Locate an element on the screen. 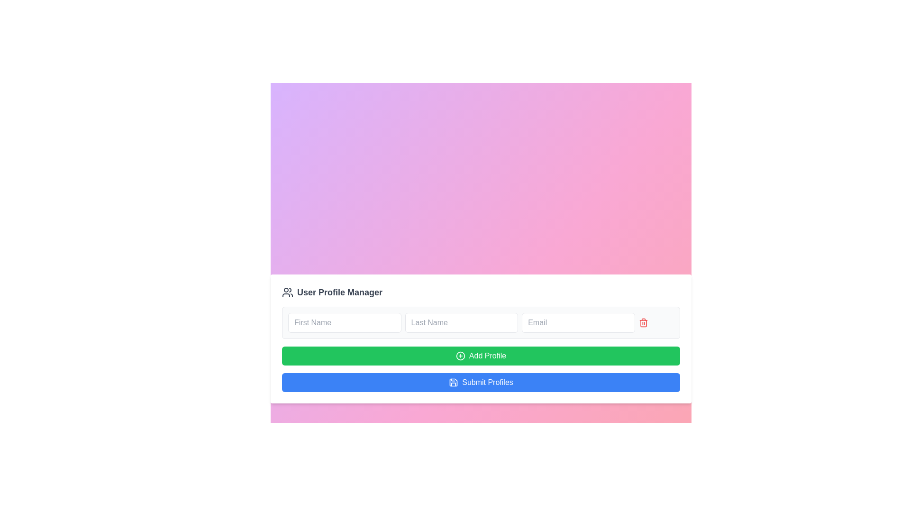 The height and width of the screenshot is (512, 910). the green 'Add Profile' button with rounded corners that contains white text and a plus-inscribed circle icon is located at coordinates (481, 349).